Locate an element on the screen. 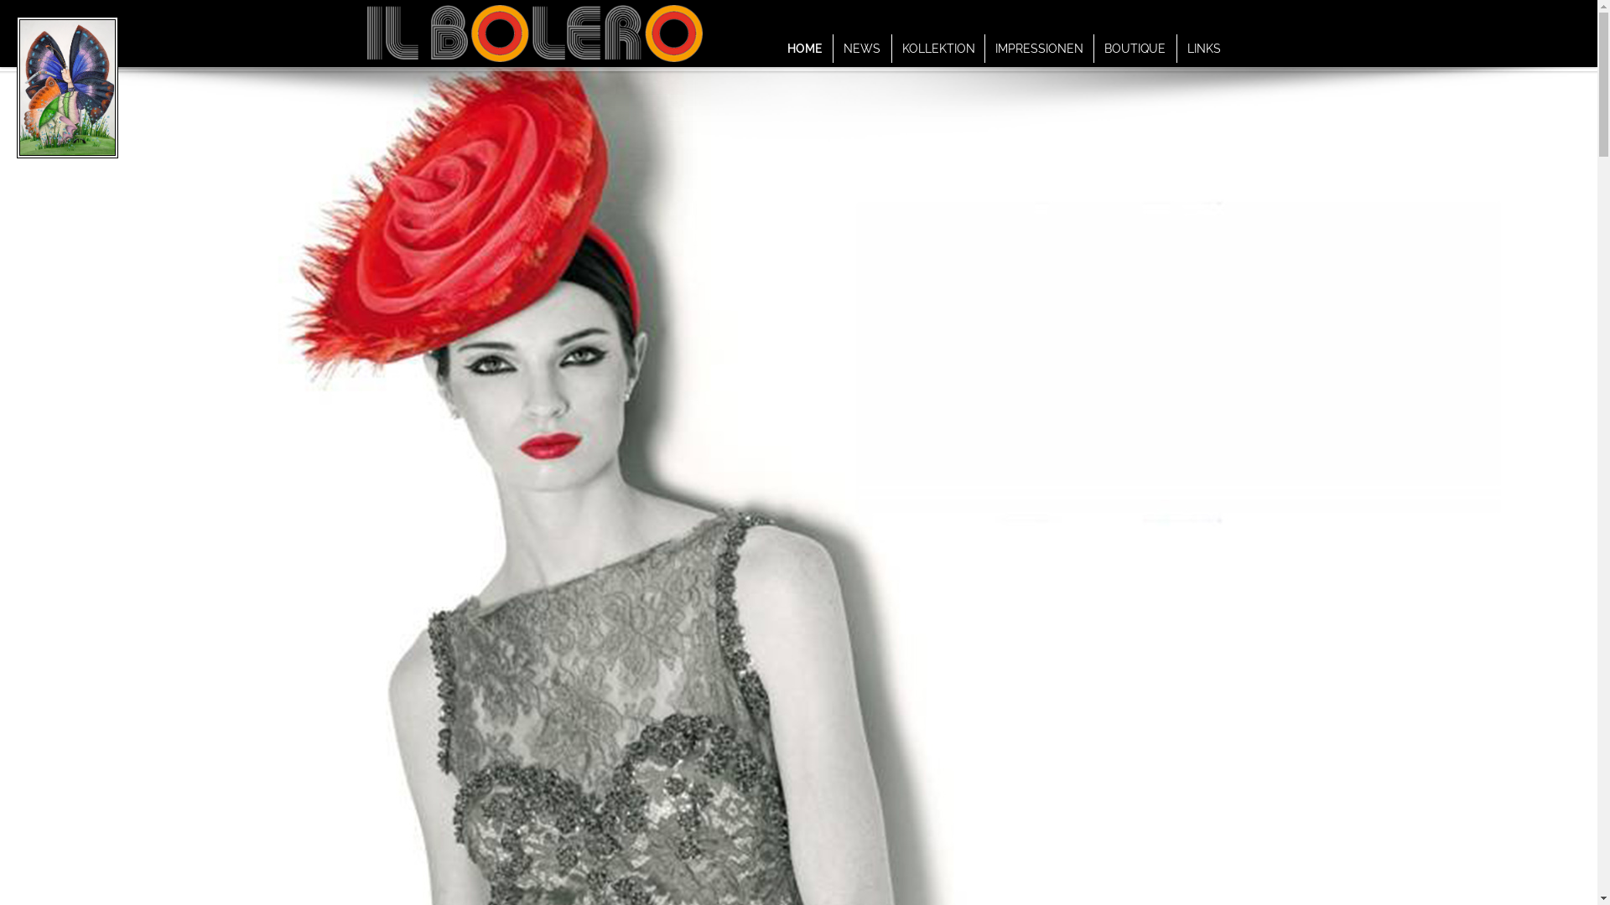  'KOLLEKTION' is located at coordinates (937, 47).